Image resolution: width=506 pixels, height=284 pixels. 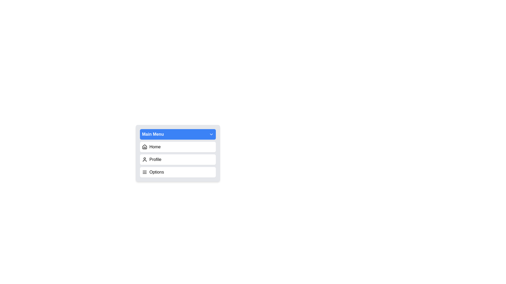 What do you see at coordinates (178, 172) in the screenshot?
I see `the third and last item in the vertical list of menu options` at bounding box center [178, 172].